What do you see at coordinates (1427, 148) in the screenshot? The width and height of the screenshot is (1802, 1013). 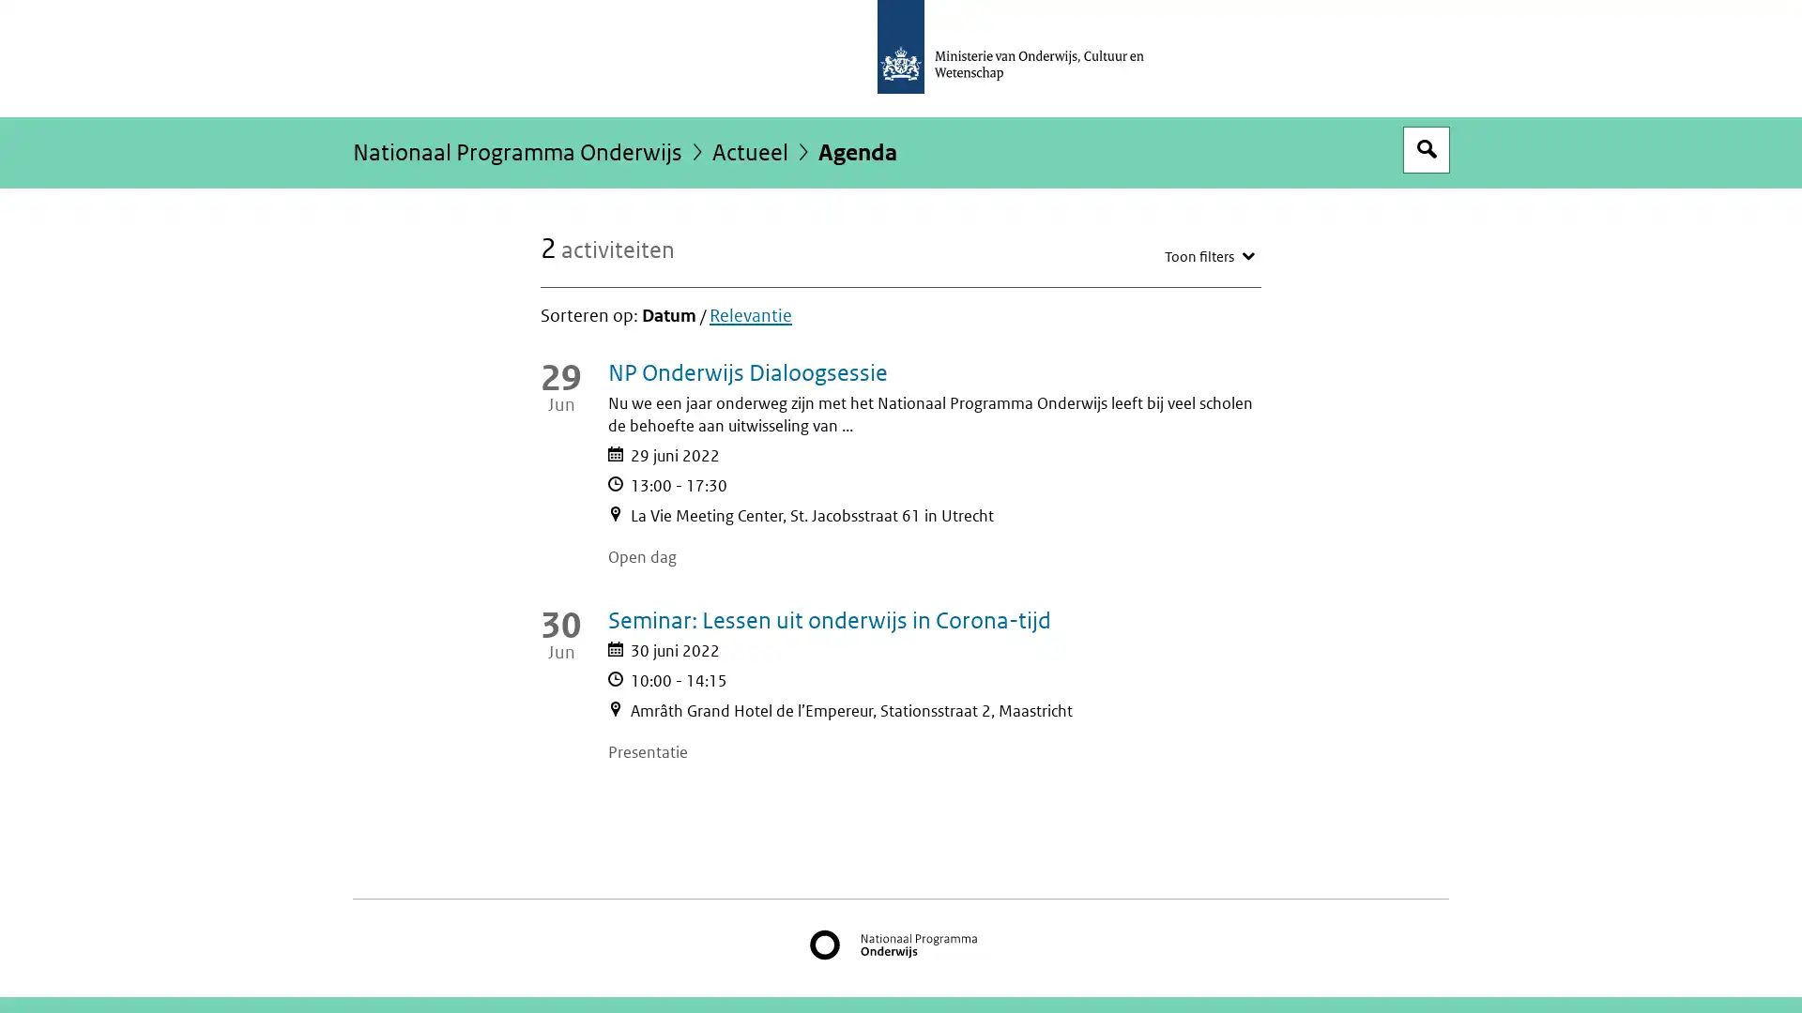 I see `Open zoekveld` at bounding box center [1427, 148].